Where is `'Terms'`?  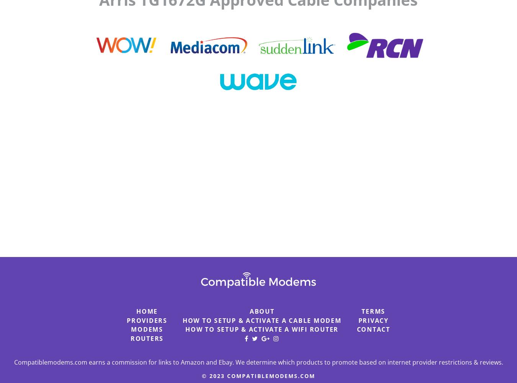 'Terms' is located at coordinates (373, 311).